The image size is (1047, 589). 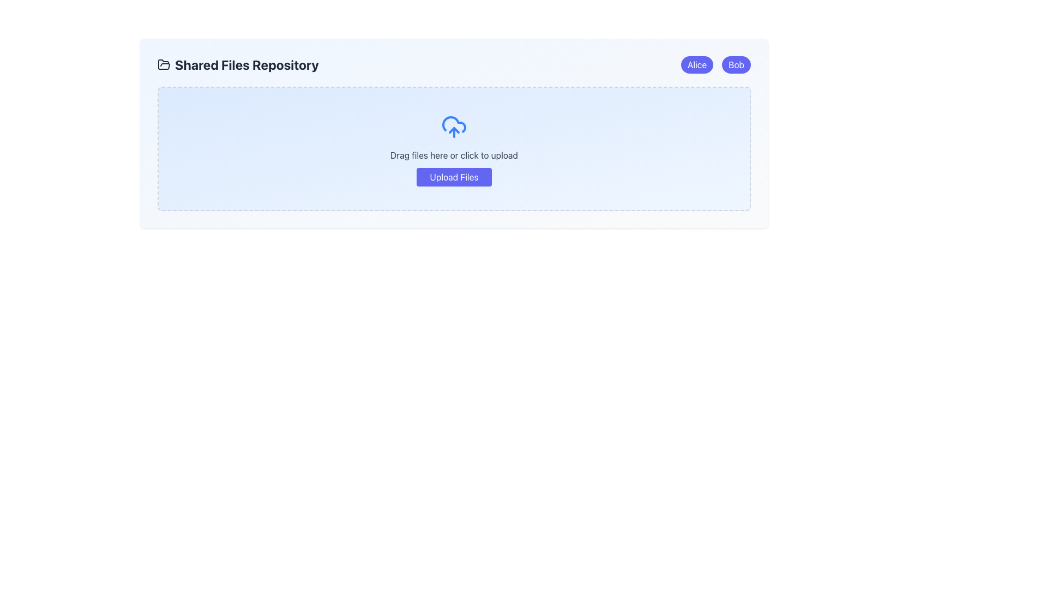 I want to click on the non-interactive display tags representing 'Alice' and 'Bob' located in the top-right of the bar above the main interface, so click(x=715, y=65).